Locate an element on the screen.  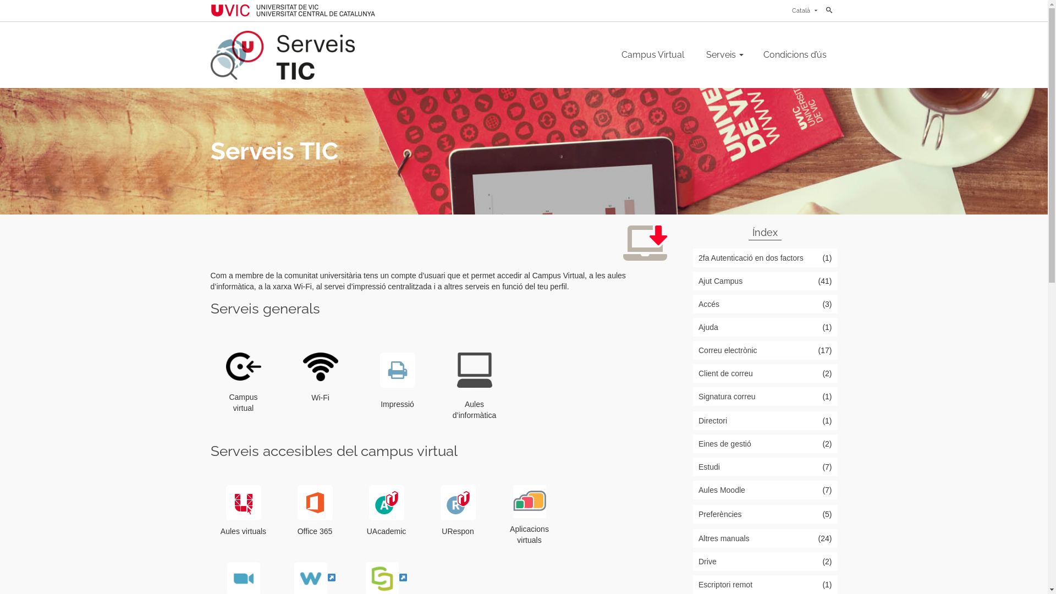
'Ajut Campus' is located at coordinates (765, 280).